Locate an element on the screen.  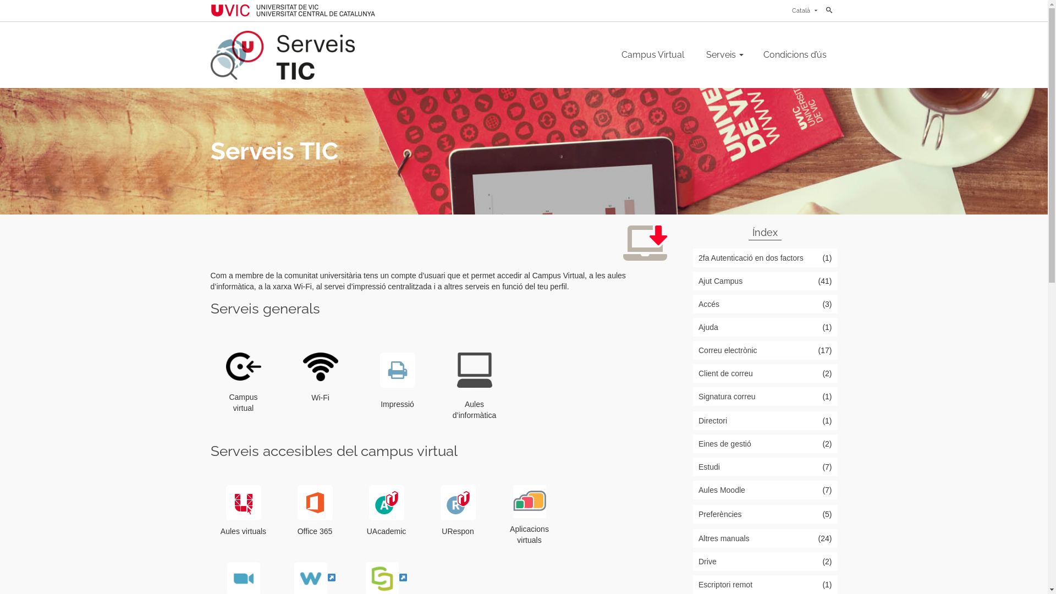
'Ajut Campus' is located at coordinates (765, 280).